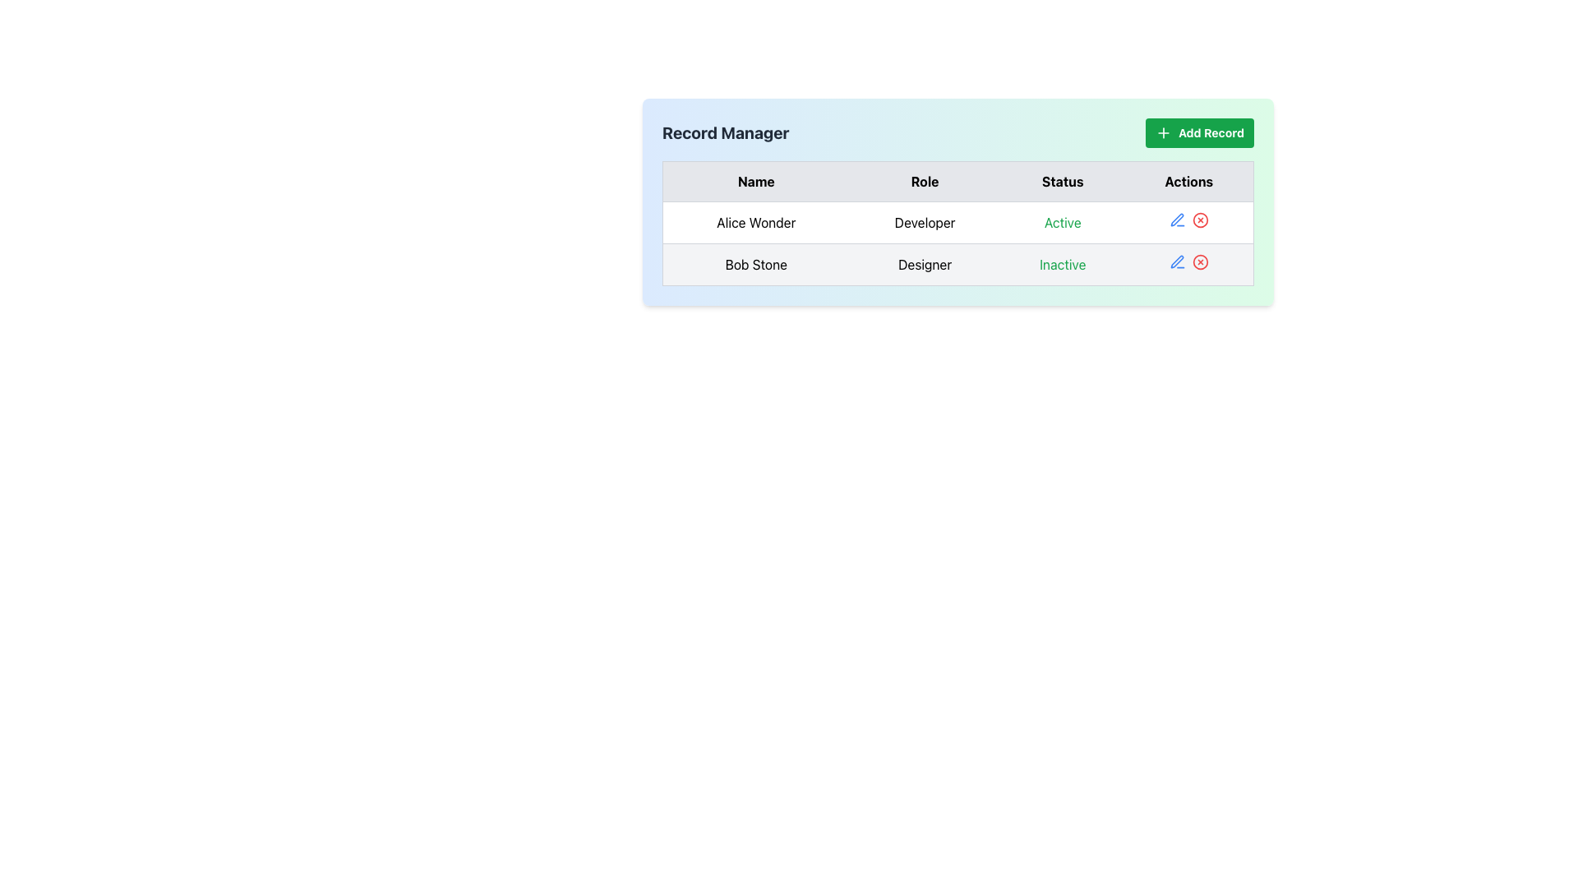  What do you see at coordinates (1189, 181) in the screenshot?
I see `the 'Actions' column header text label, which is the fourth column header in the table layout and is positioned on the rightmost side of the header row` at bounding box center [1189, 181].